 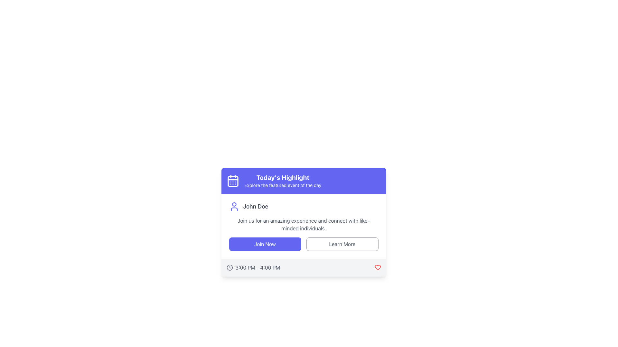 I want to click on the text label that reads 'John Doe' to select the name, so click(x=255, y=207).